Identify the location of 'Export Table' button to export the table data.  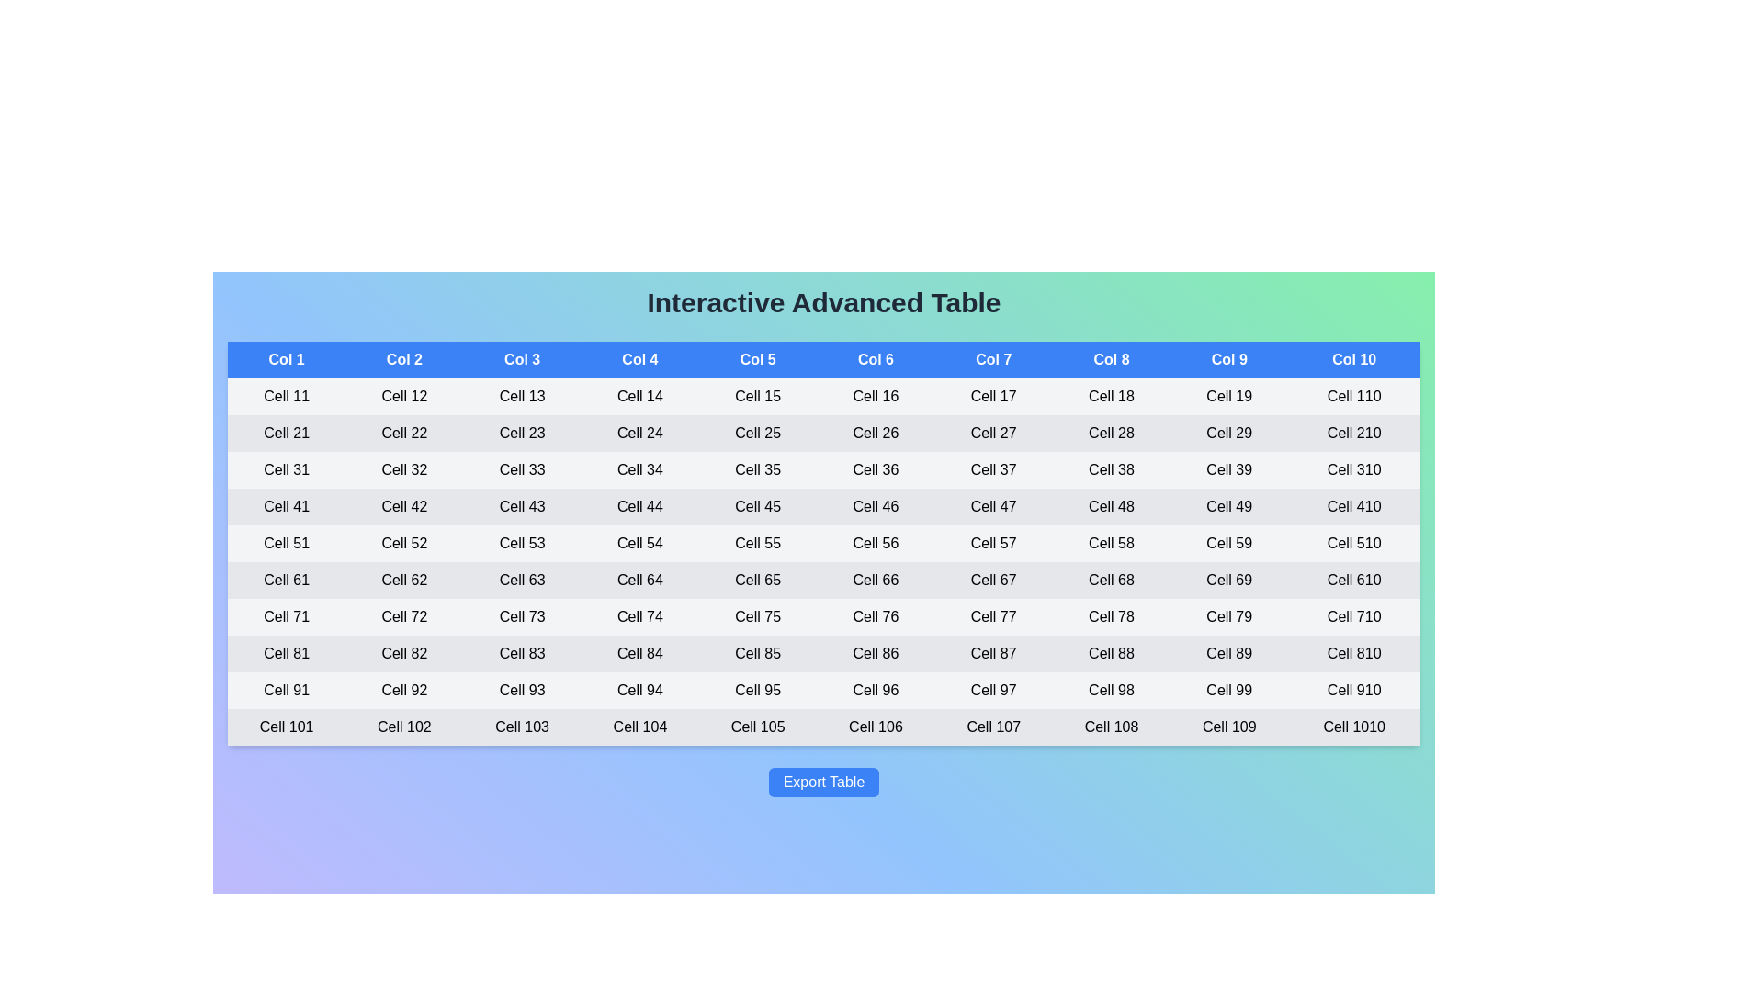
(823, 783).